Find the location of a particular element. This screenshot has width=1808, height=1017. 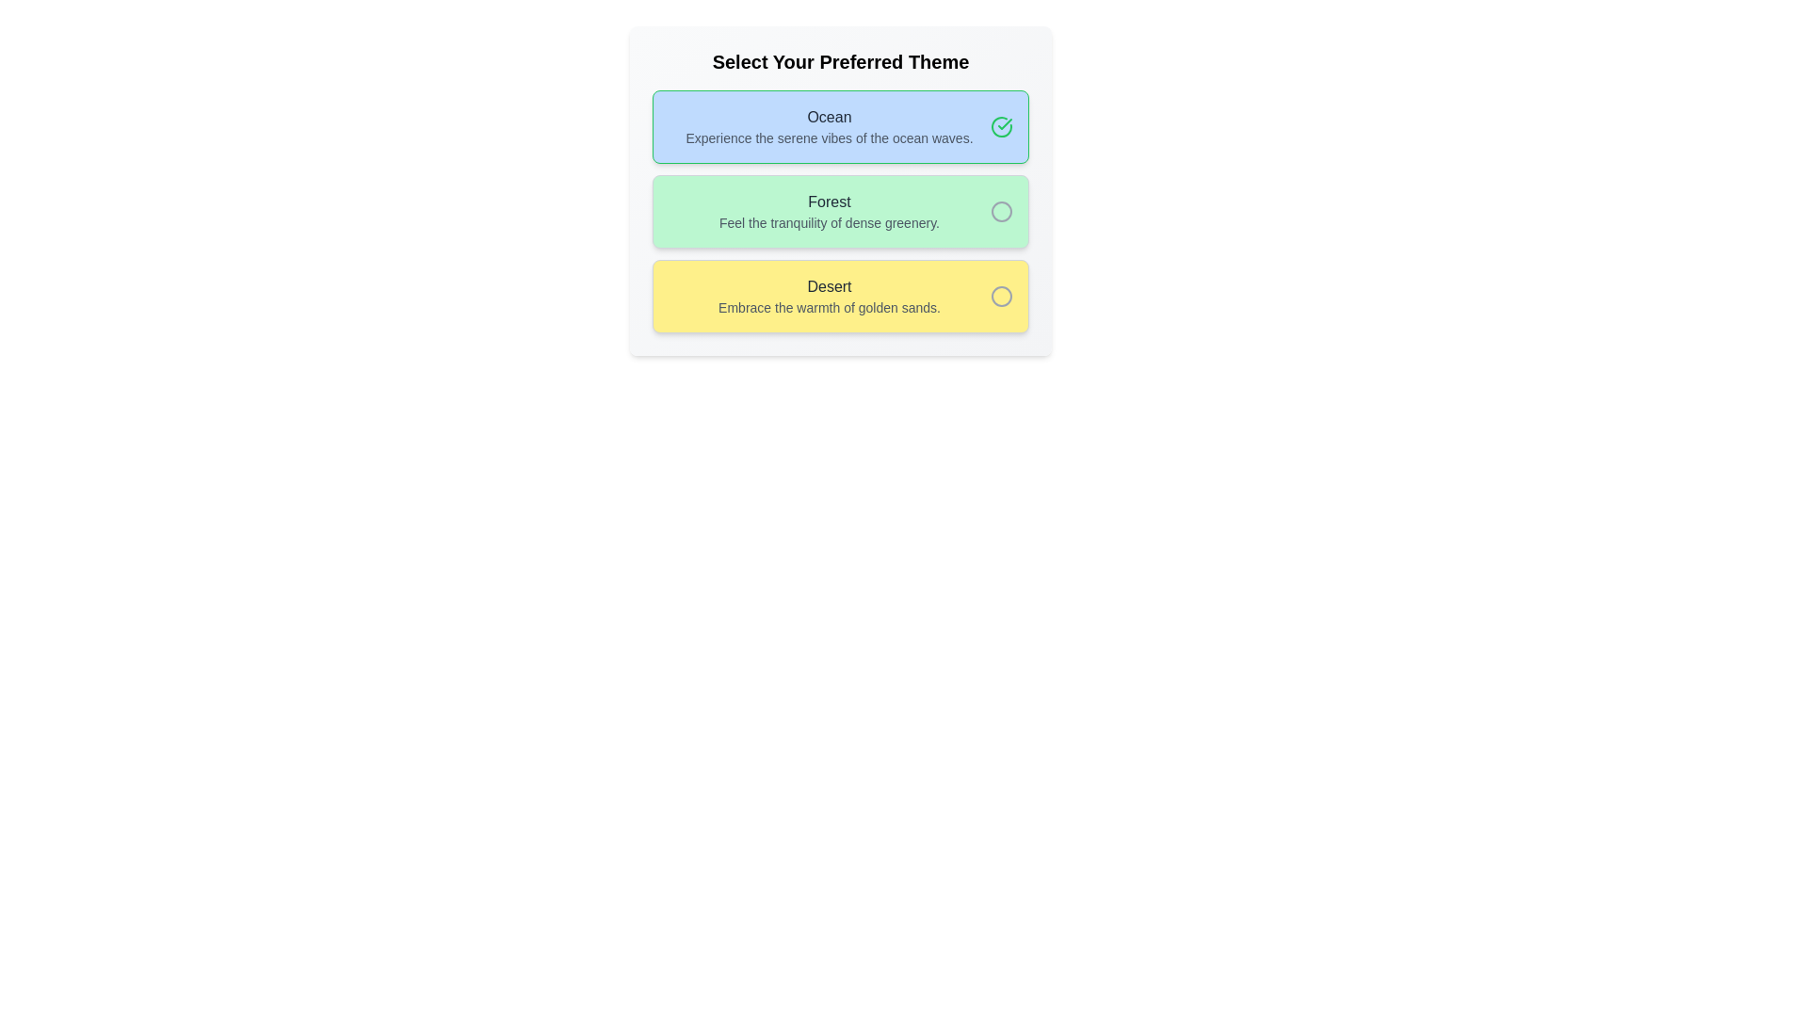

the radio button is located at coordinates (1001, 211).